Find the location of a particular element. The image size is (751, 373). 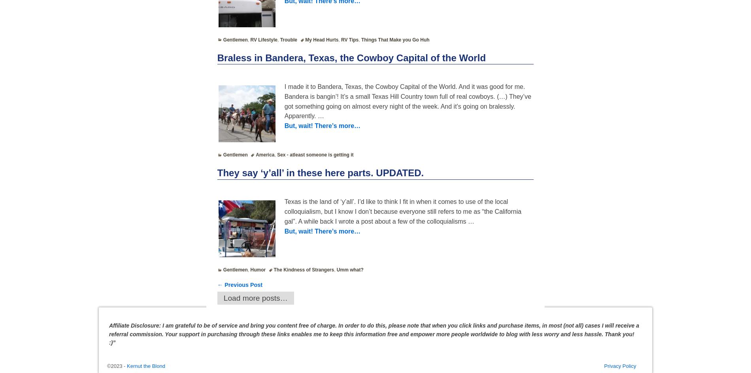

'They say ‘y’all’ in these here parts. UPDATED.' is located at coordinates (320, 172).